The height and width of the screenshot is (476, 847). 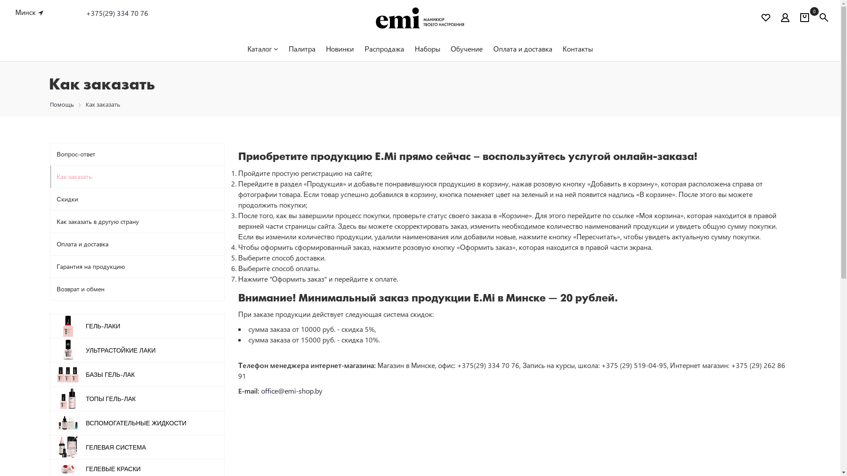 What do you see at coordinates (292, 390) in the screenshot?
I see `'office@emi-shop.by'` at bounding box center [292, 390].